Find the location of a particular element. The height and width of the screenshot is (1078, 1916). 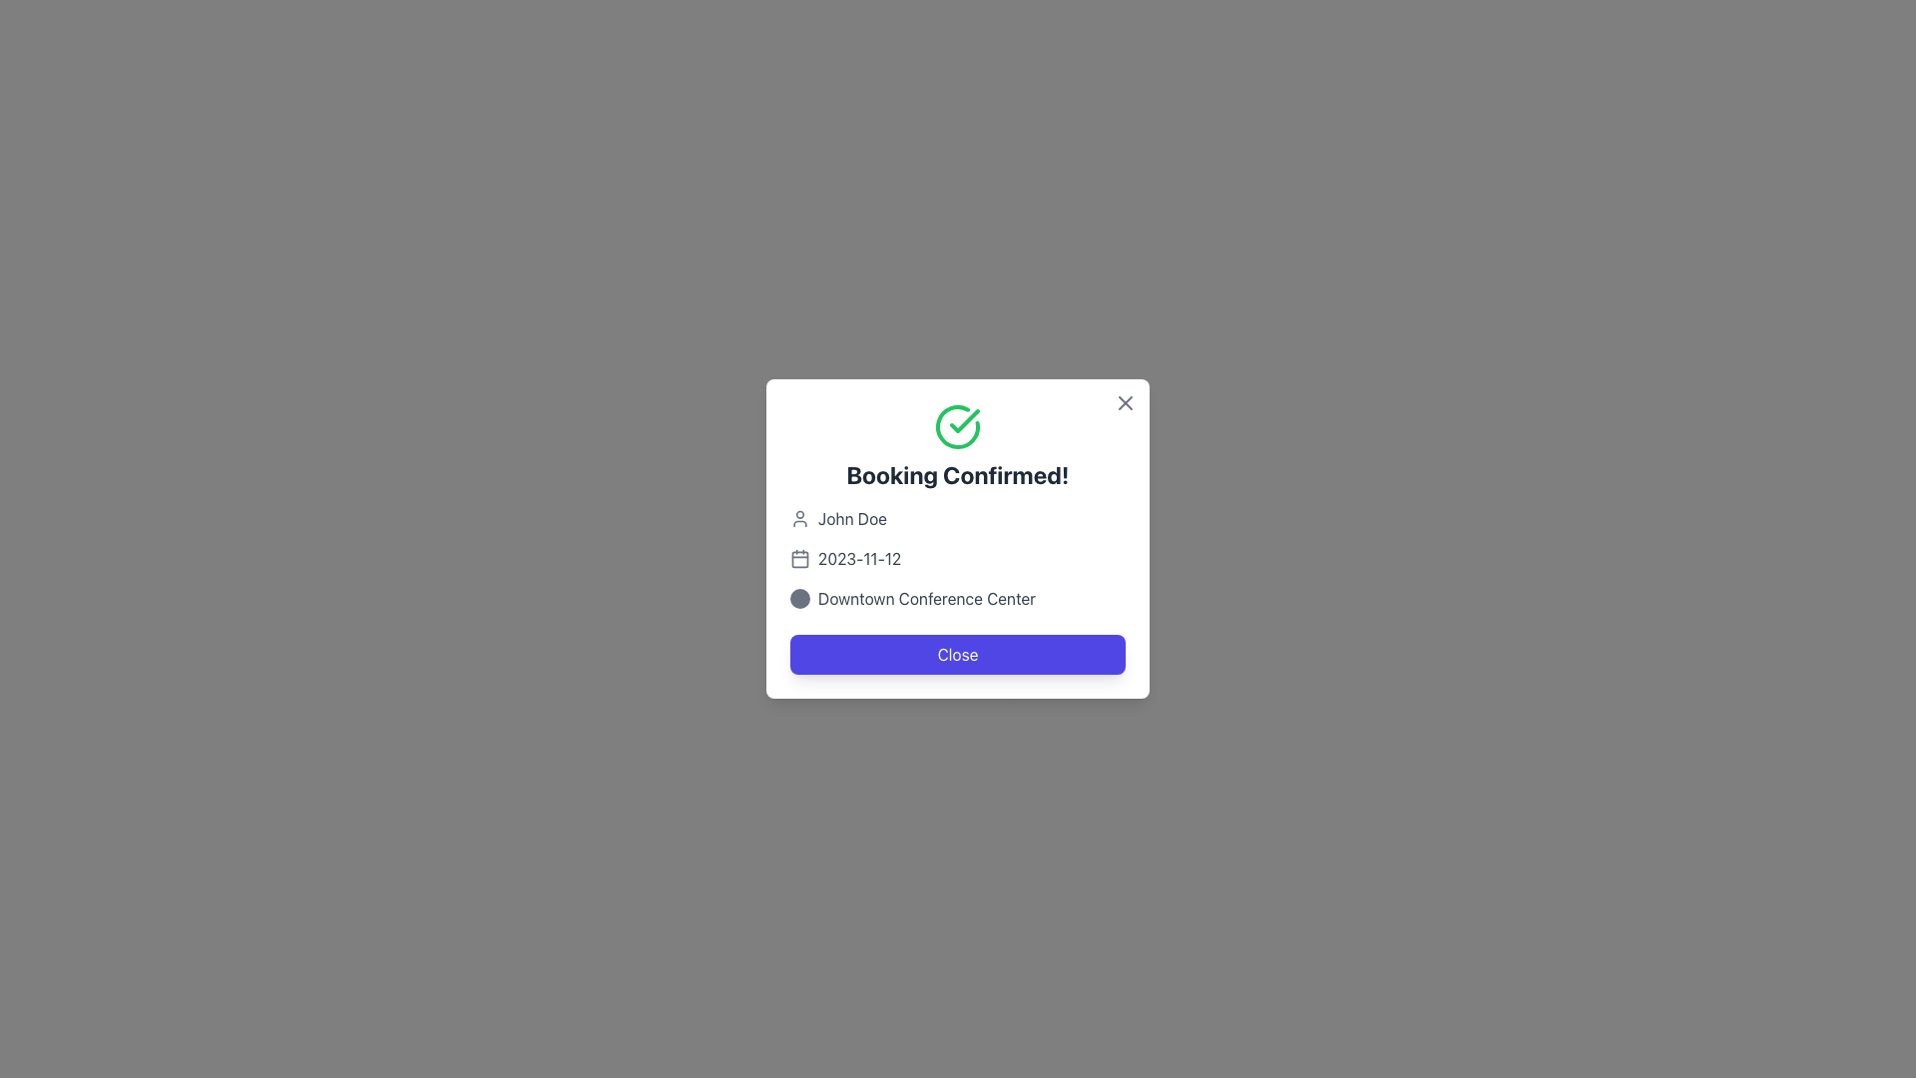

the text field displaying the name 'John Doe' in medium gray color, which is the first item in the list of details in the modal dialog view is located at coordinates (852, 518).